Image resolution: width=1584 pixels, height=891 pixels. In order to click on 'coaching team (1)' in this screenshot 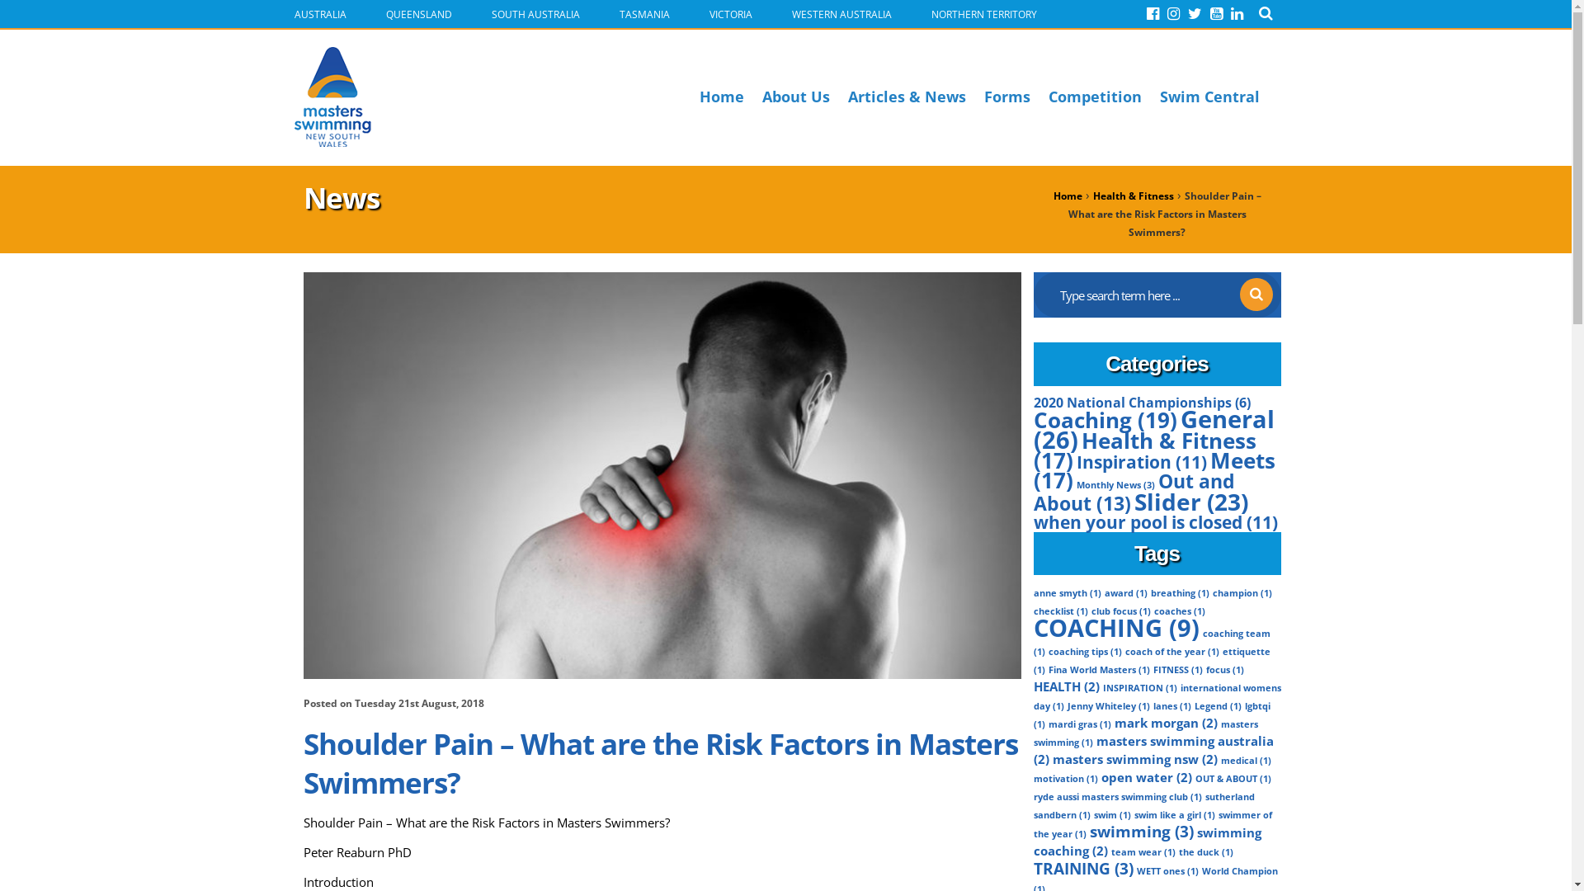, I will do `click(1150, 642)`.